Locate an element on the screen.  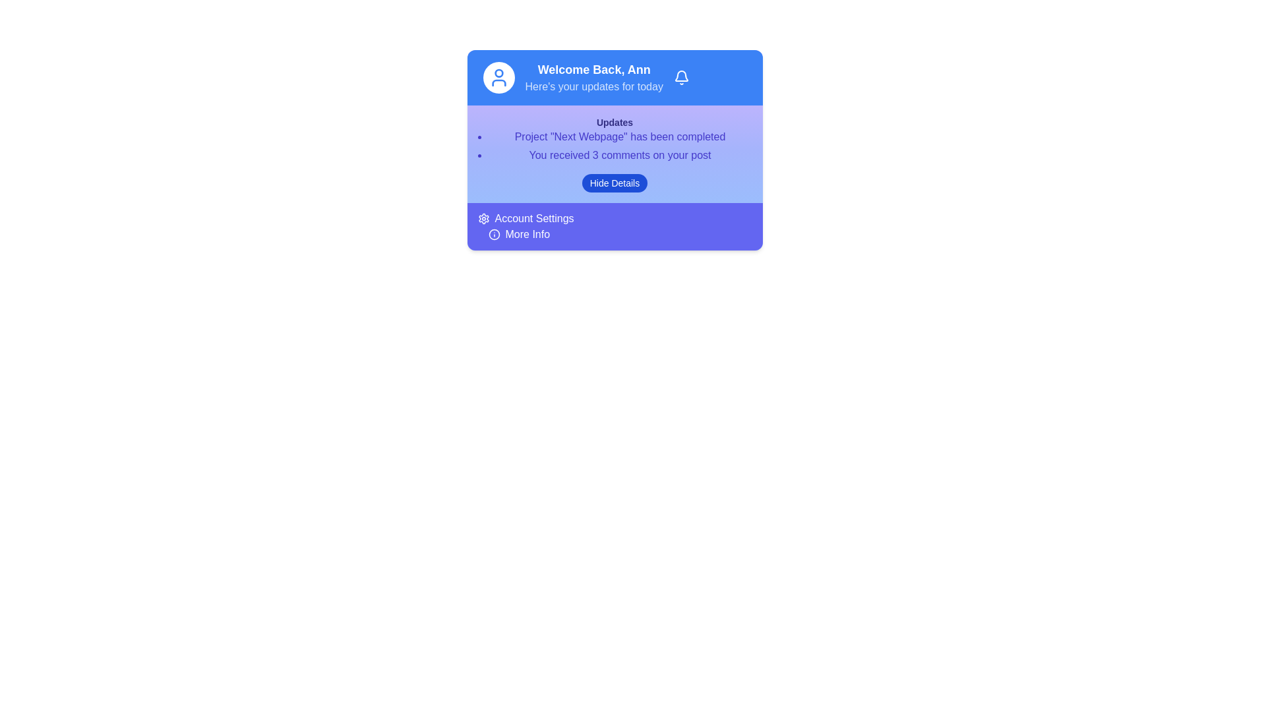
the static text element that reads 'You received 3 comments on your post' in the 'Updates' section of the notification card is located at coordinates (619, 154).